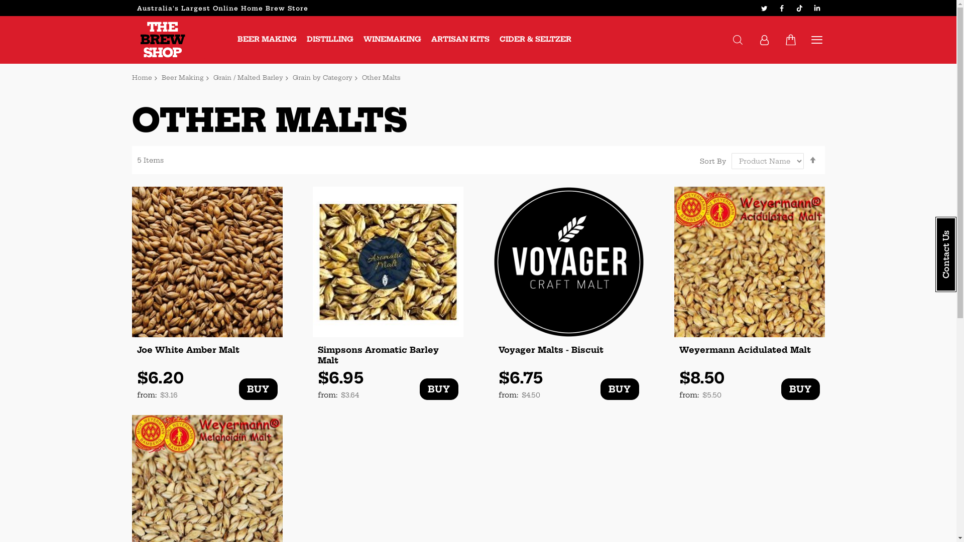 The height and width of the screenshot is (542, 964). What do you see at coordinates (534, 39) in the screenshot?
I see `'CIDER & SELTZER'` at bounding box center [534, 39].